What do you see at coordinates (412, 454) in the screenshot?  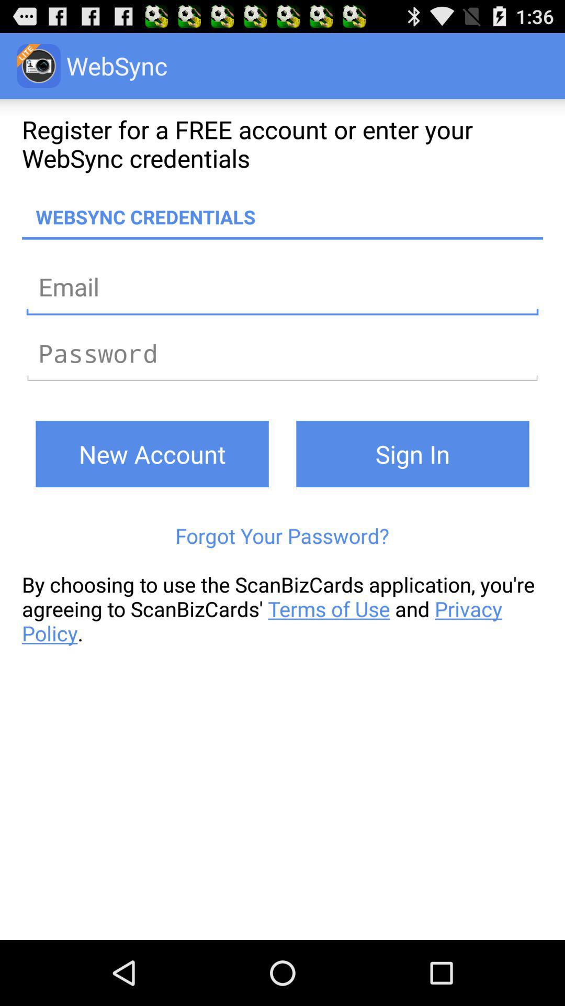 I see `the sign in icon` at bounding box center [412, 454].